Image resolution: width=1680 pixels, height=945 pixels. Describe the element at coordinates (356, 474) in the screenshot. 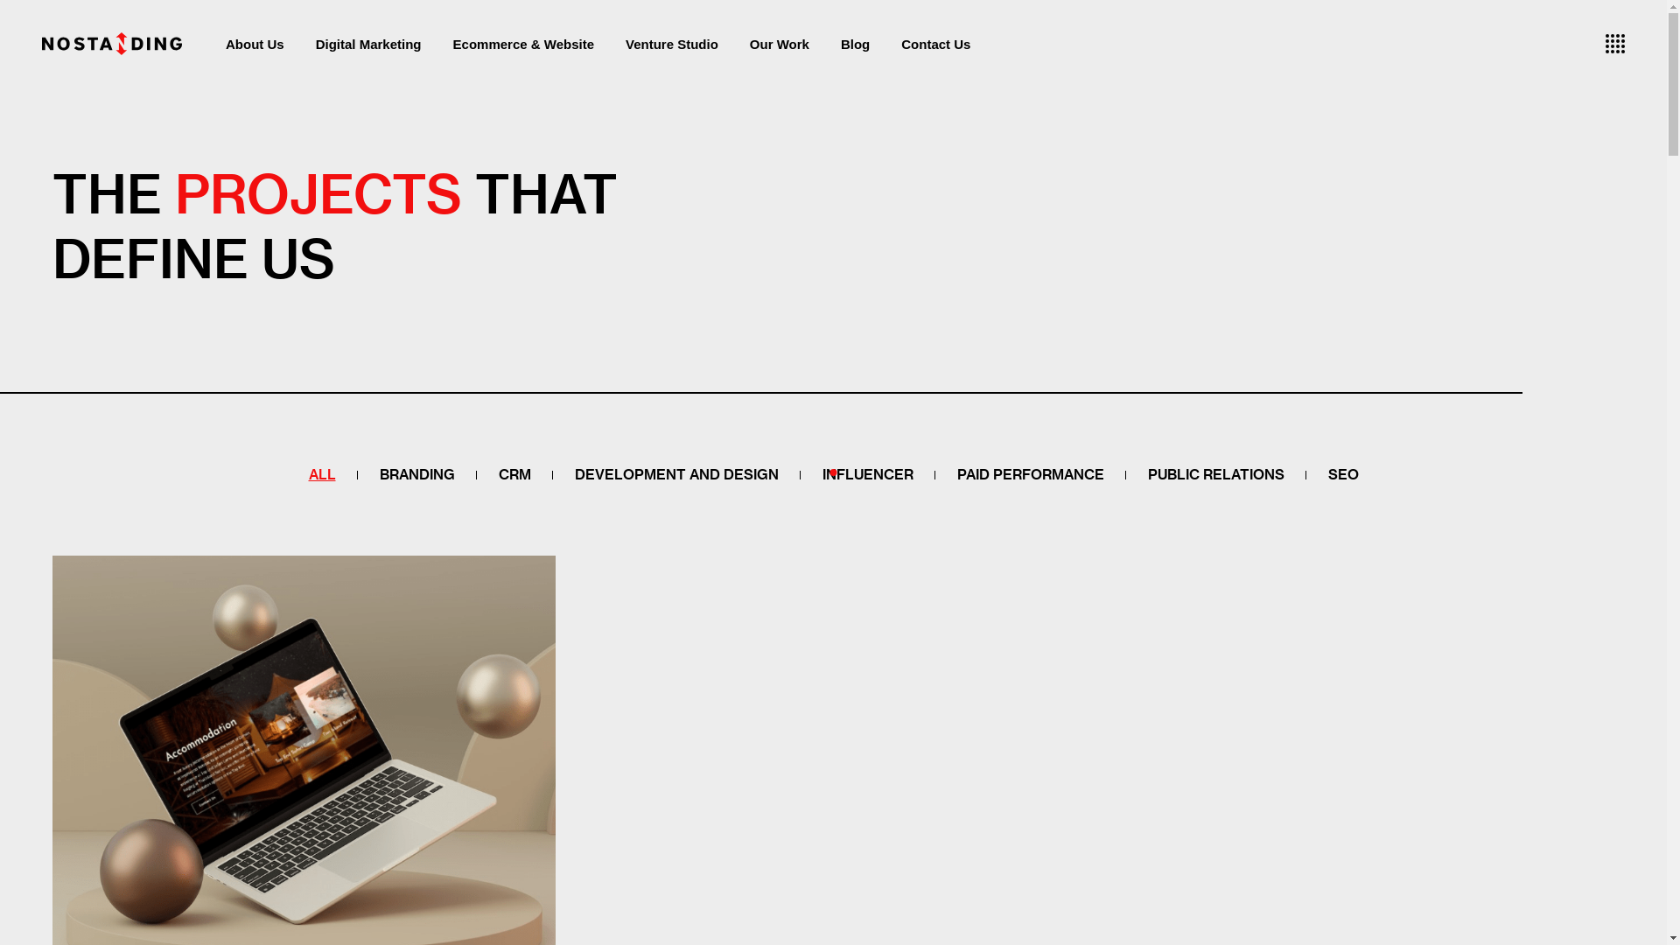

I see `'BRANDING'` at that location.